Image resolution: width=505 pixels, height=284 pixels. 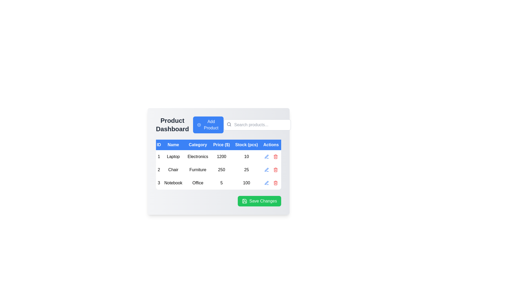 I want to click on the red trash icon button located in the 'Actions' column of the first row in the product table, so click(x=275, y=156).